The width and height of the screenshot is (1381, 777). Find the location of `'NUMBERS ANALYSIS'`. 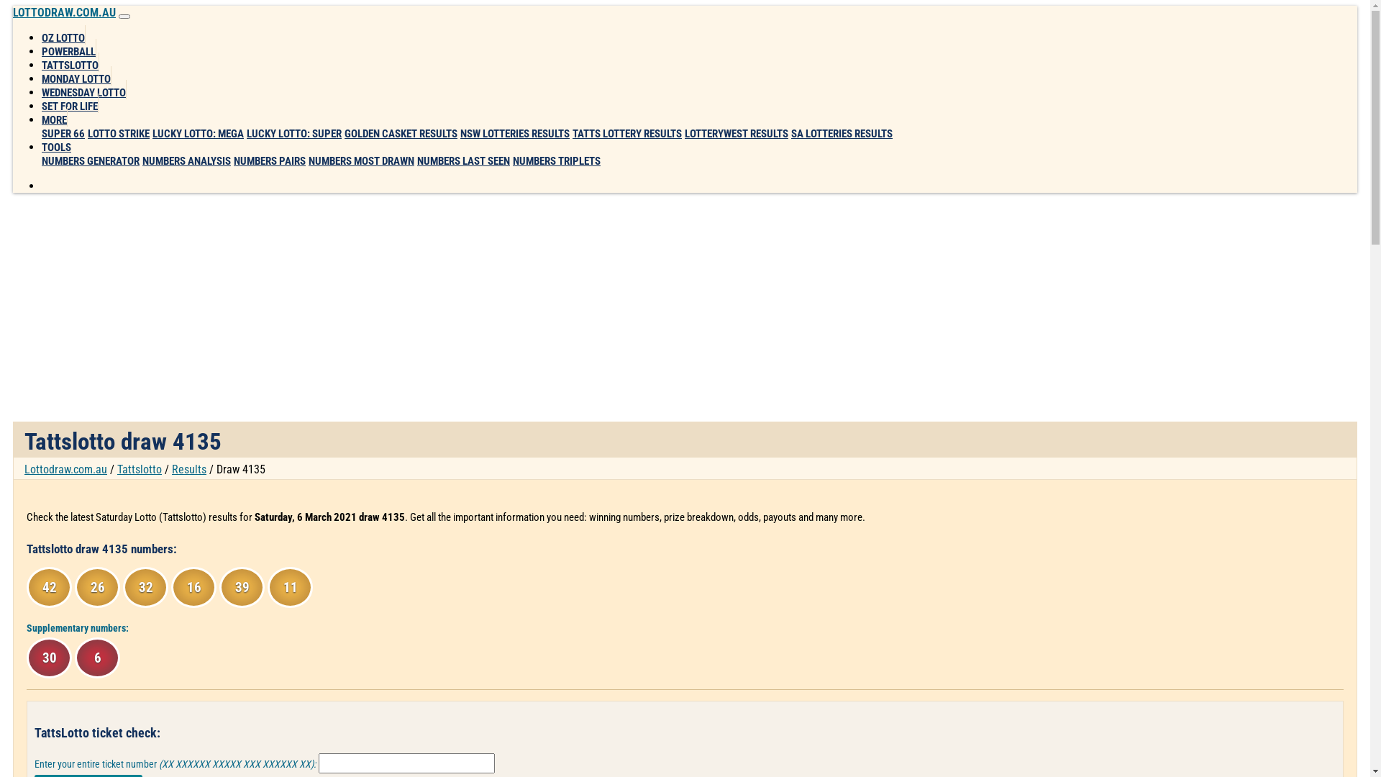

'NUMBERS ANALYSIS' is located at coordinates (186, 160).